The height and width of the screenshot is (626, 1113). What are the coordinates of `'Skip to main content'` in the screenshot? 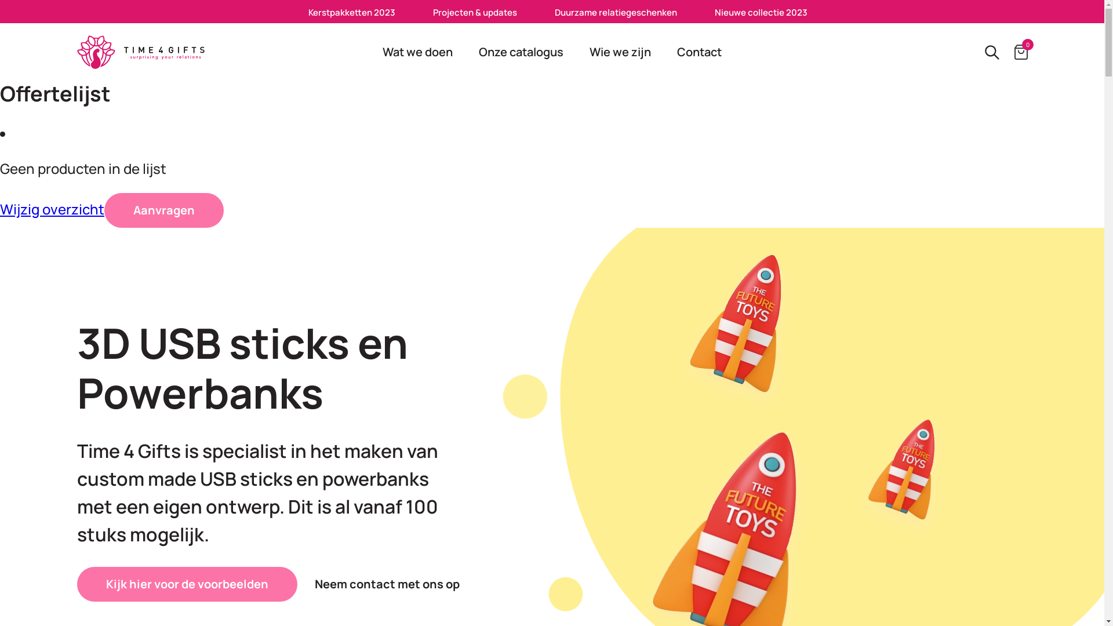 It's located at (0, 0).